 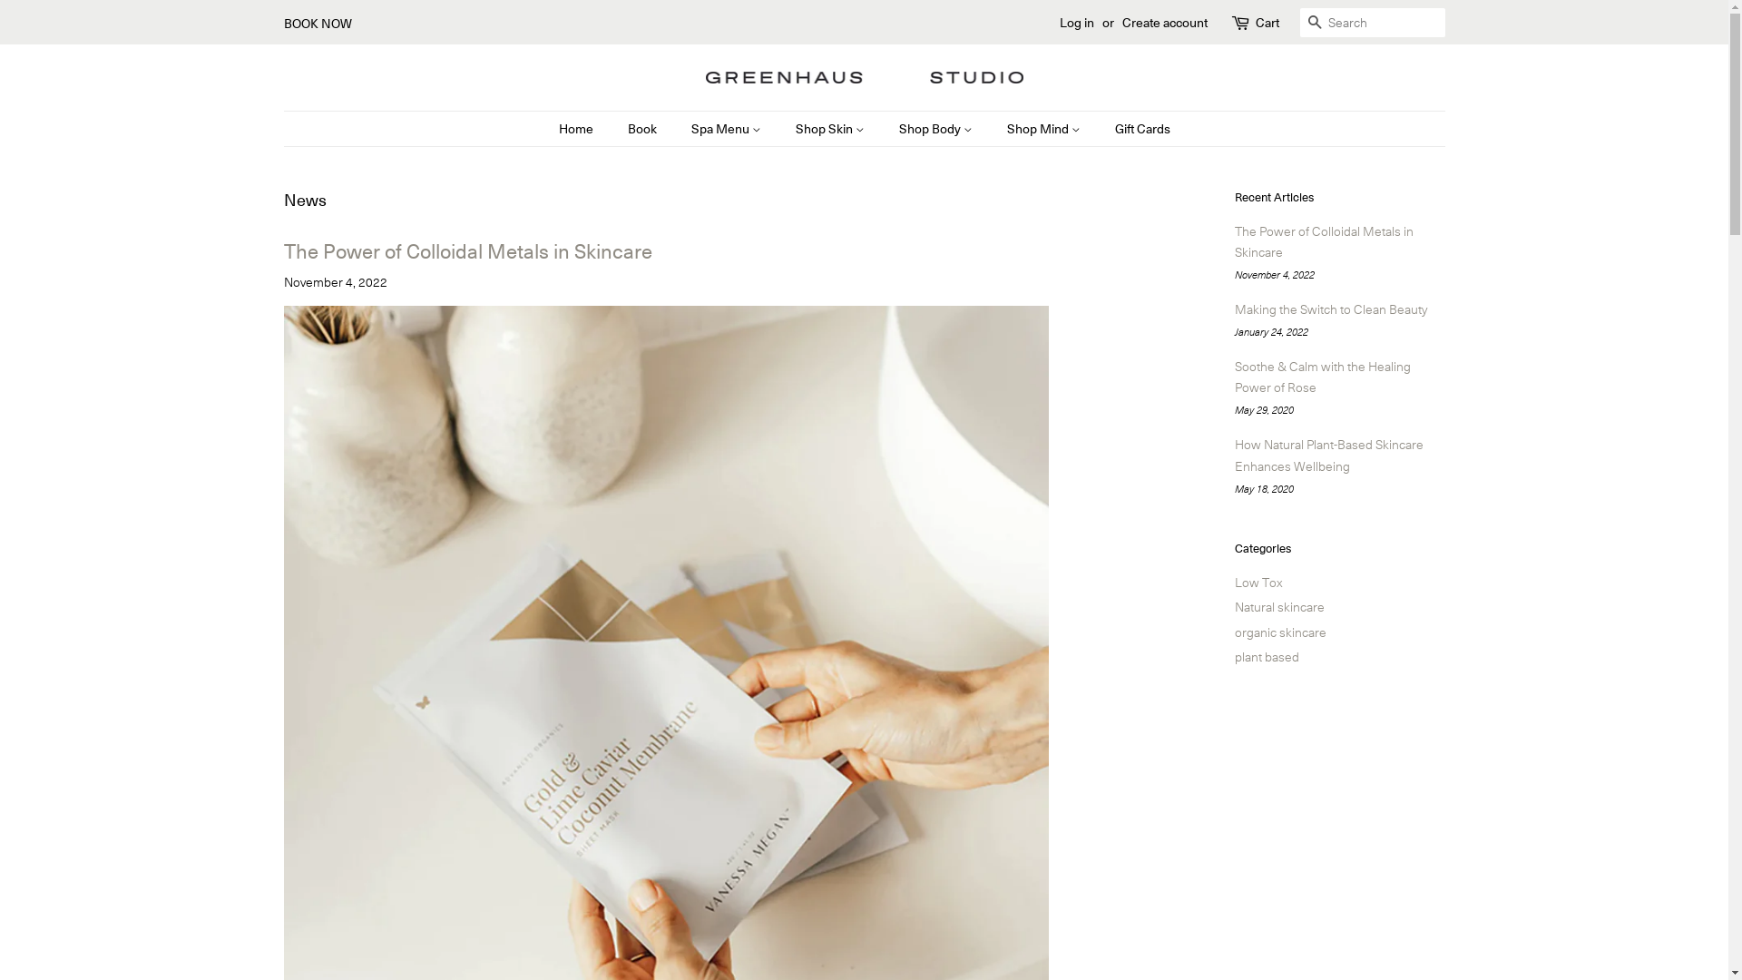 What do you see at coordinates (1233, 581) in the screenshot?
I see `'Low Tox'` at bounding box center [1233, 581].